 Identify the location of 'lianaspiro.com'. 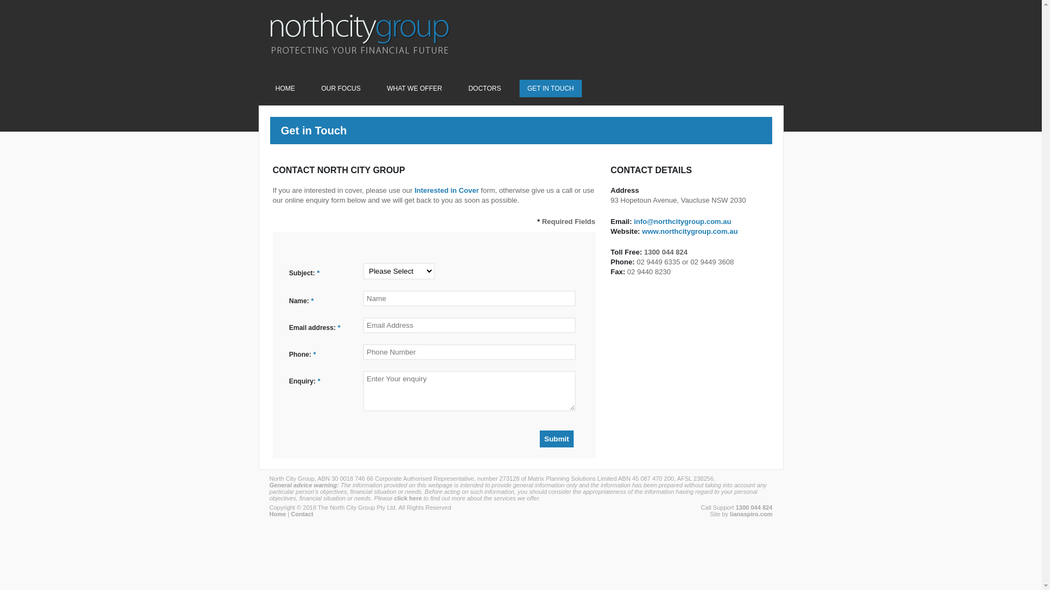
(750, 514).